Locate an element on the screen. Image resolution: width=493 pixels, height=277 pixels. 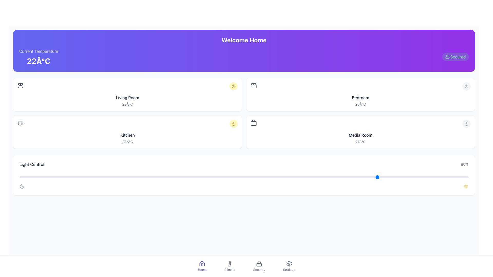
the 'Climate' button located in the bottom center navigation bar is located at coordinates (230, 266).